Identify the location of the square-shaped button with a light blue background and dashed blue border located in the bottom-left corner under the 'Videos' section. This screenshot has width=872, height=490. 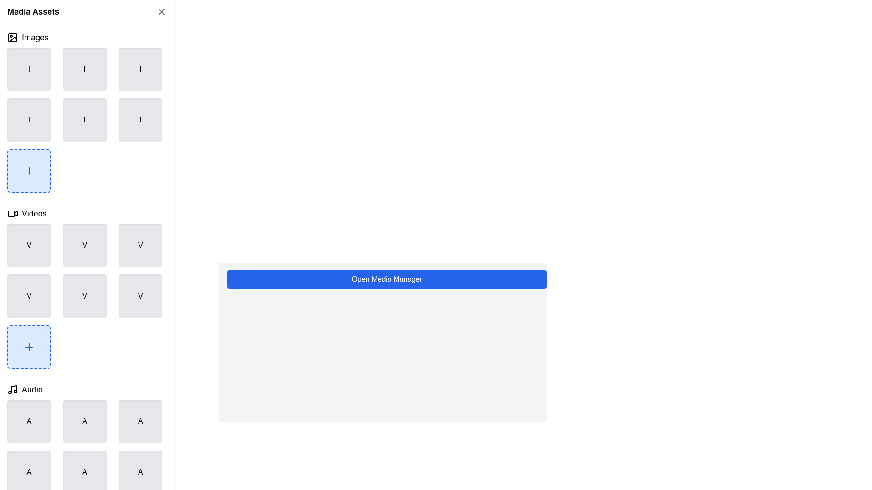
(29, 347).